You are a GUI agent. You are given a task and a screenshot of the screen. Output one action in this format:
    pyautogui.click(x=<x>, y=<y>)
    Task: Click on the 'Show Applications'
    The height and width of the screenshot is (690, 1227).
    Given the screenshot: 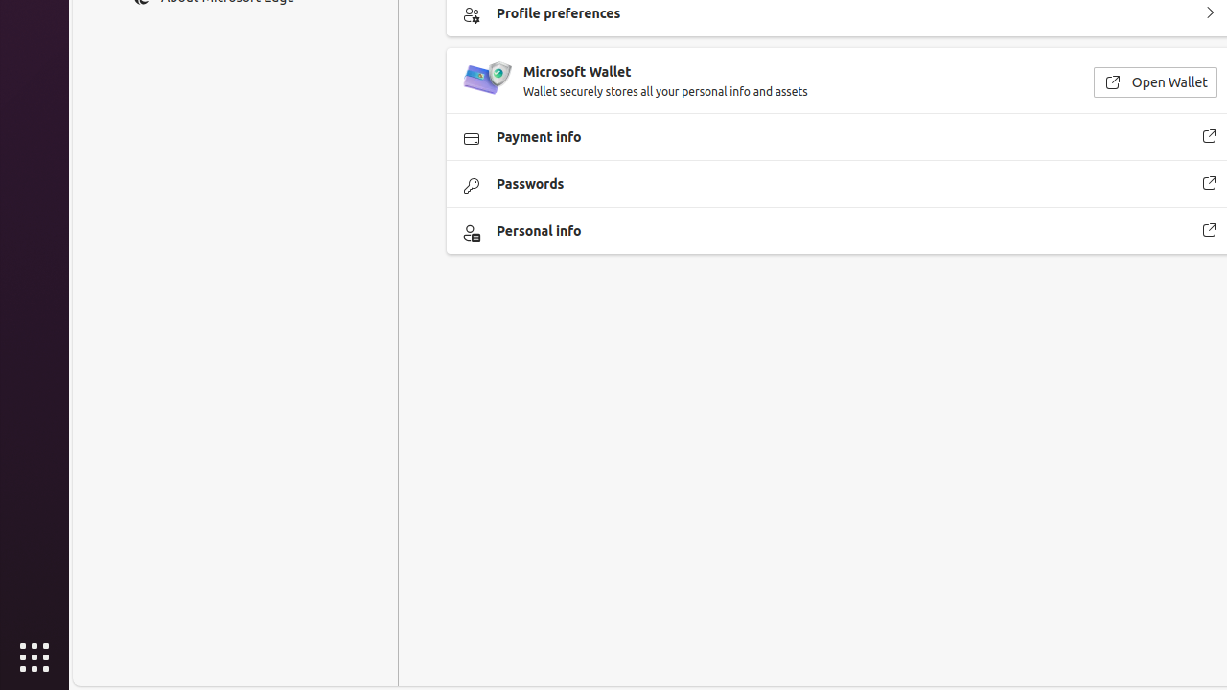 What is the action you would take?
    pyautogui.click(x=34, y=656)
    